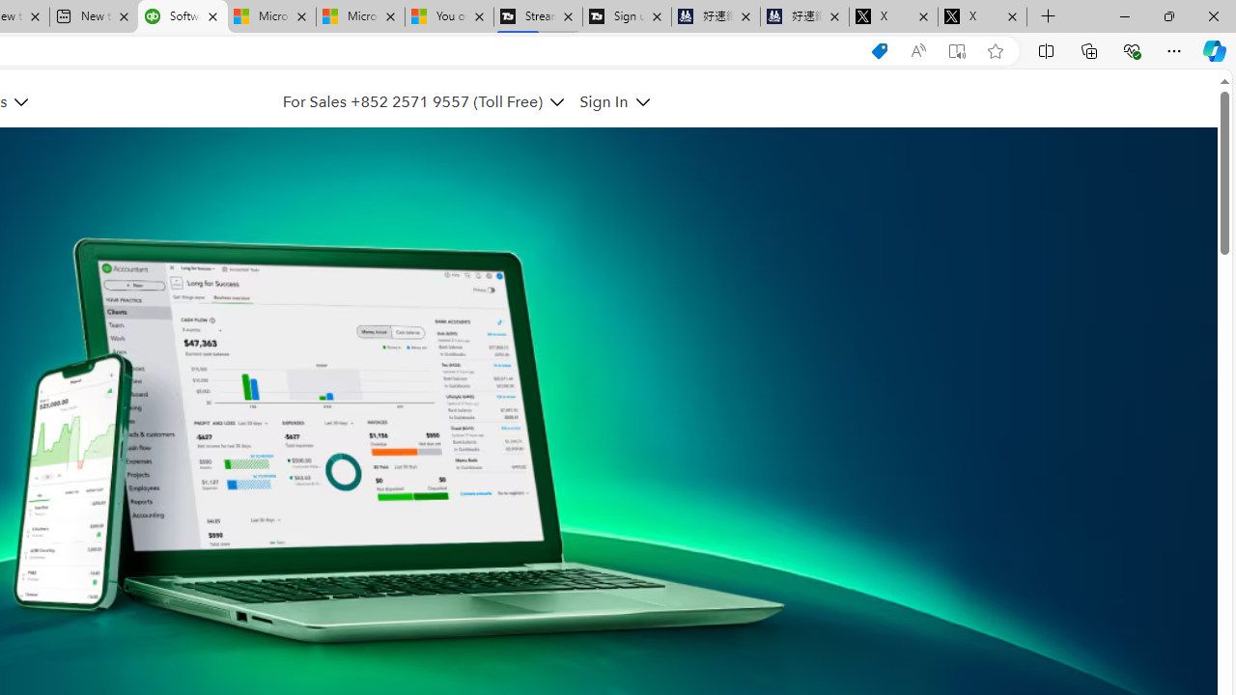 Image resolution: width=1236 pixels, height=695 pixels. Describe the element at coordinates (613, 101) in the screenshot. I see `'Sign In'` at that location.